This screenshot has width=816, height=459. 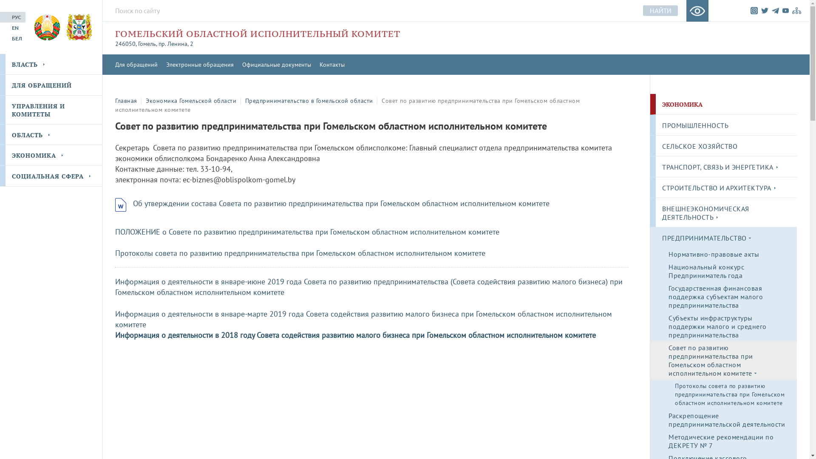 I want to click on 'Instagram', so click(x=751, y=10).